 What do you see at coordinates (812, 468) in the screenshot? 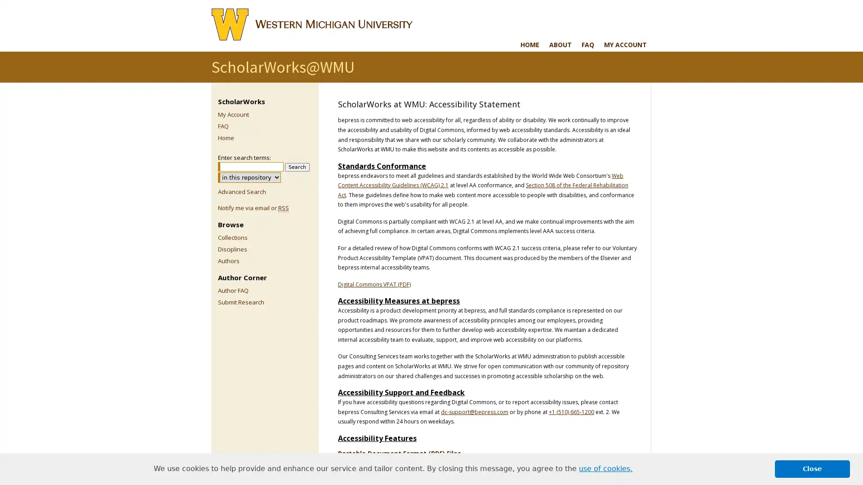
I see `dismiss cookie message` at bounding box center [812, 468].